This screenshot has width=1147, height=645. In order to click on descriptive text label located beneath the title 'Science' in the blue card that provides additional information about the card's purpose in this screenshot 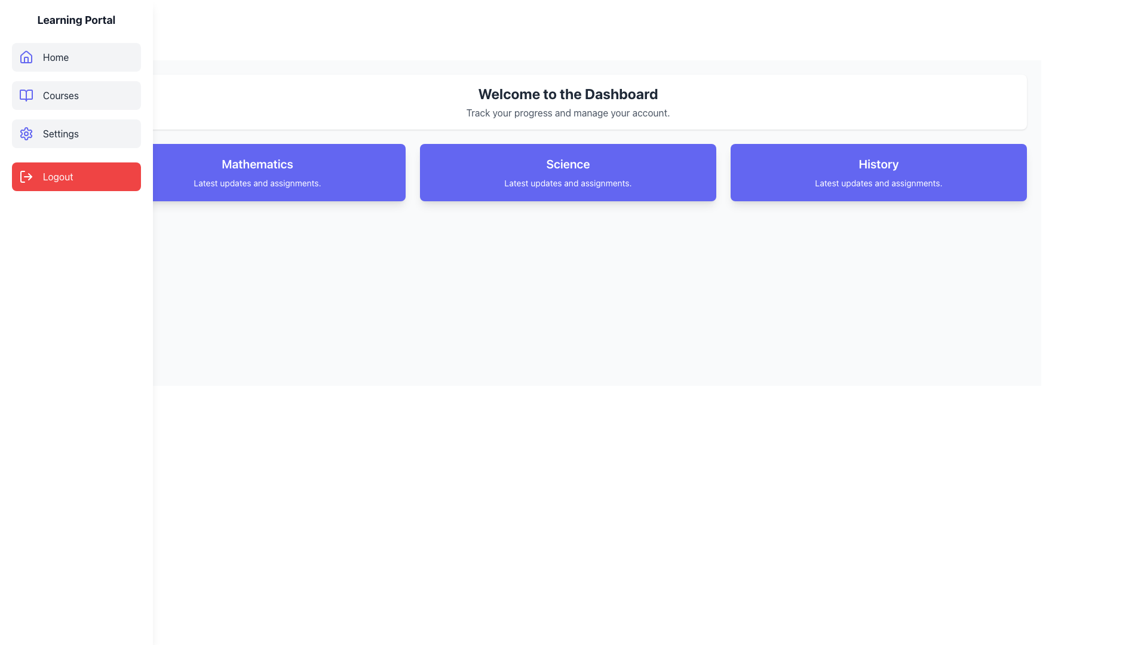, I will do `click(567, 183)`.